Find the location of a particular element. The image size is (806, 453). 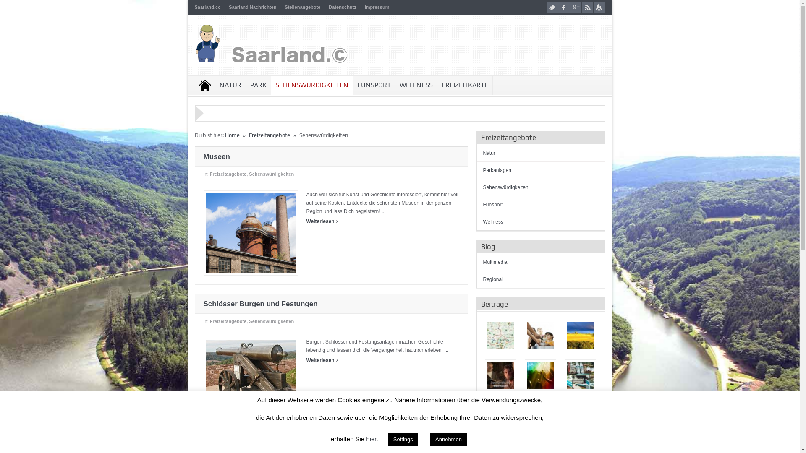

'Annehmen' is located at coordinates (430, 439).